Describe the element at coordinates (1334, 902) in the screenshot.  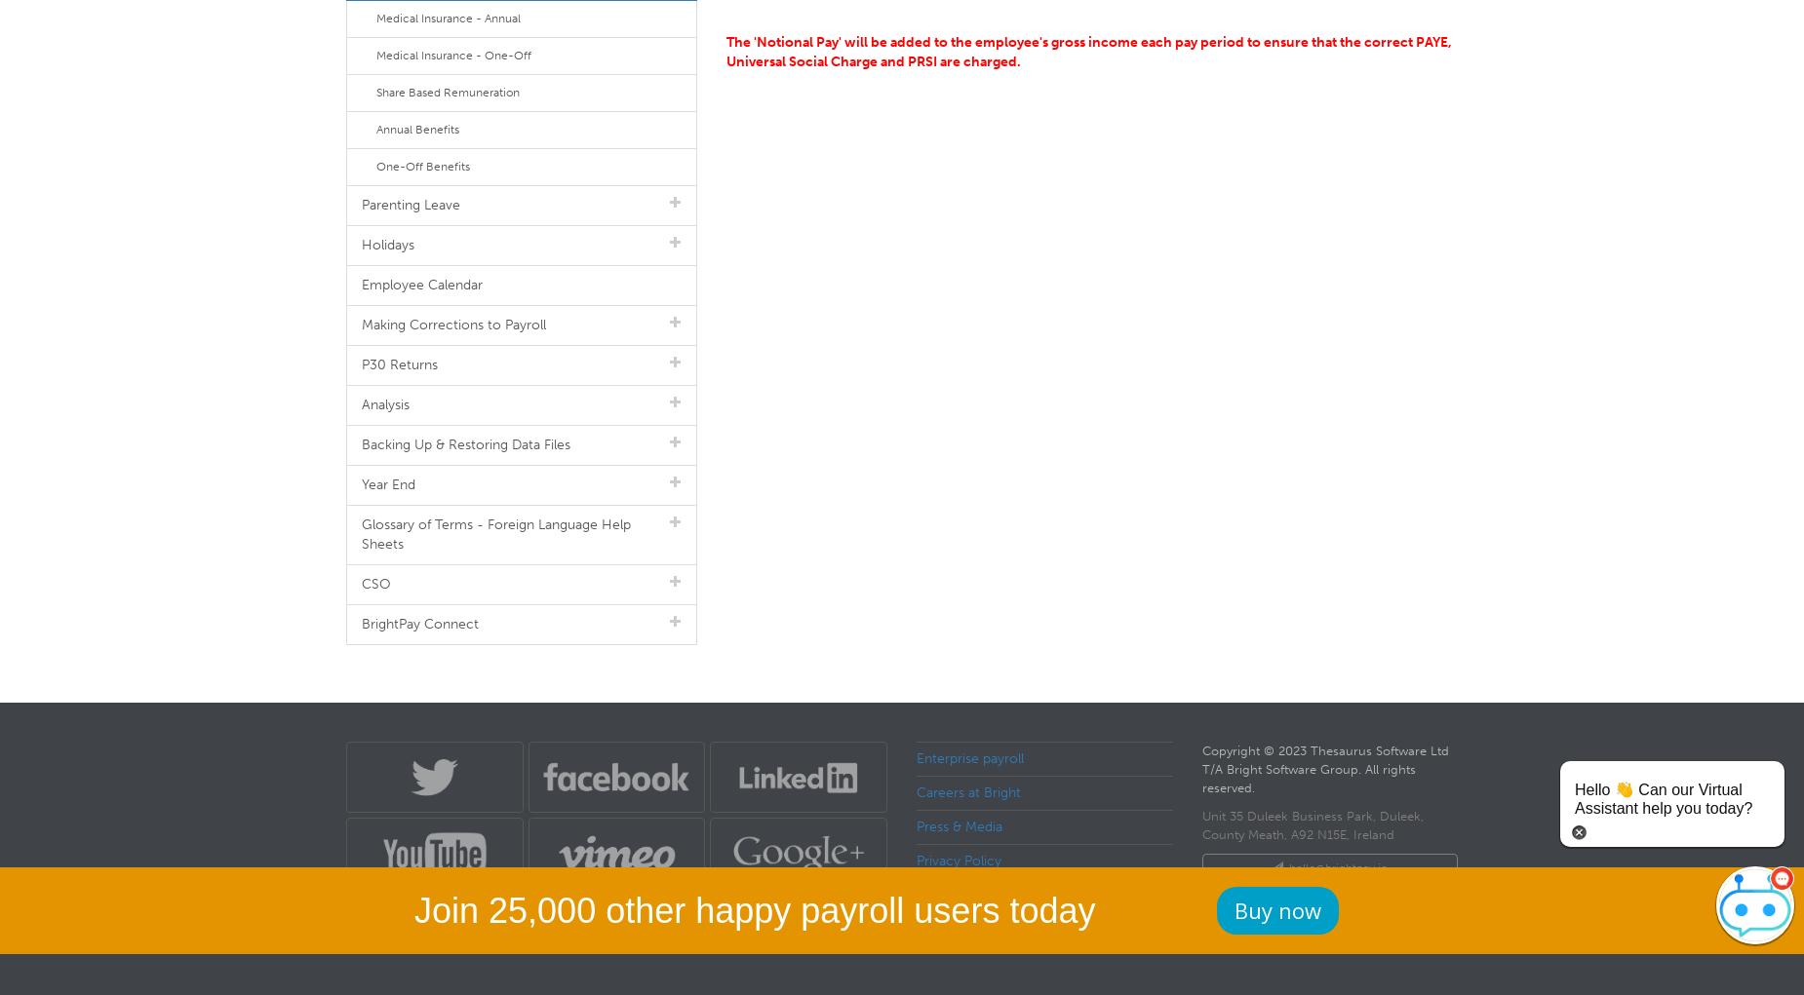
I see `'01 8352074'` at that location.